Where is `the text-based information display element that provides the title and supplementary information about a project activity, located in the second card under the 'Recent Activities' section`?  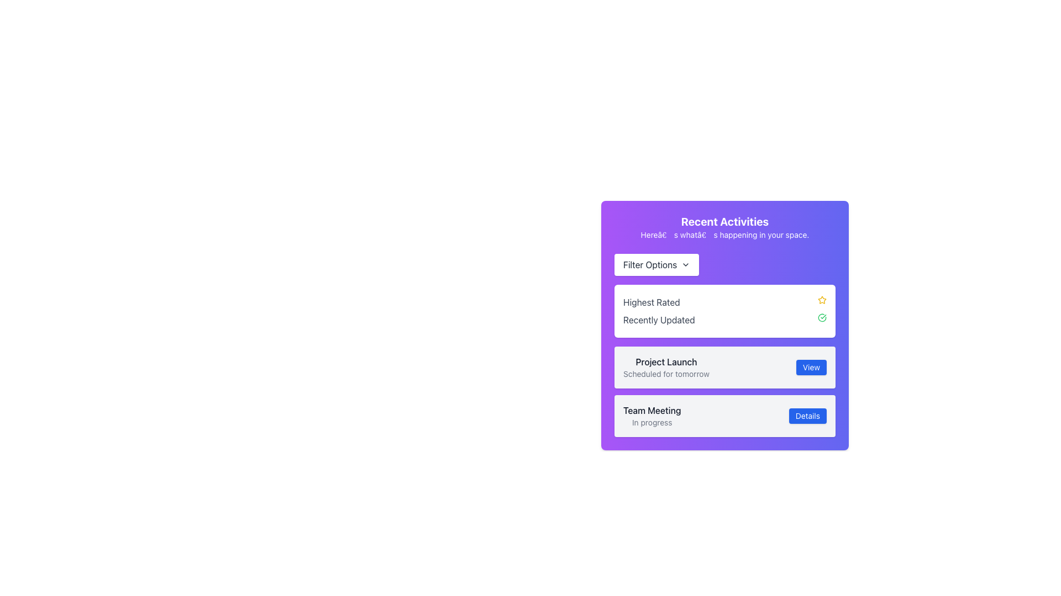
the text-based information display element that provides the title and supplementary information about a project activity, located in the second card under the 'Recent Activities' section is located at coordinates (665, 368).